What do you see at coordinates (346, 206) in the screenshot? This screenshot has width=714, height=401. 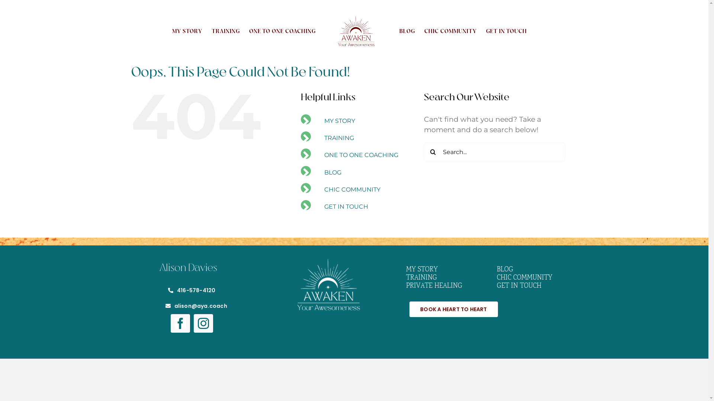 I see `'GET IN TOUCH'` at bounding box center [346, 206].